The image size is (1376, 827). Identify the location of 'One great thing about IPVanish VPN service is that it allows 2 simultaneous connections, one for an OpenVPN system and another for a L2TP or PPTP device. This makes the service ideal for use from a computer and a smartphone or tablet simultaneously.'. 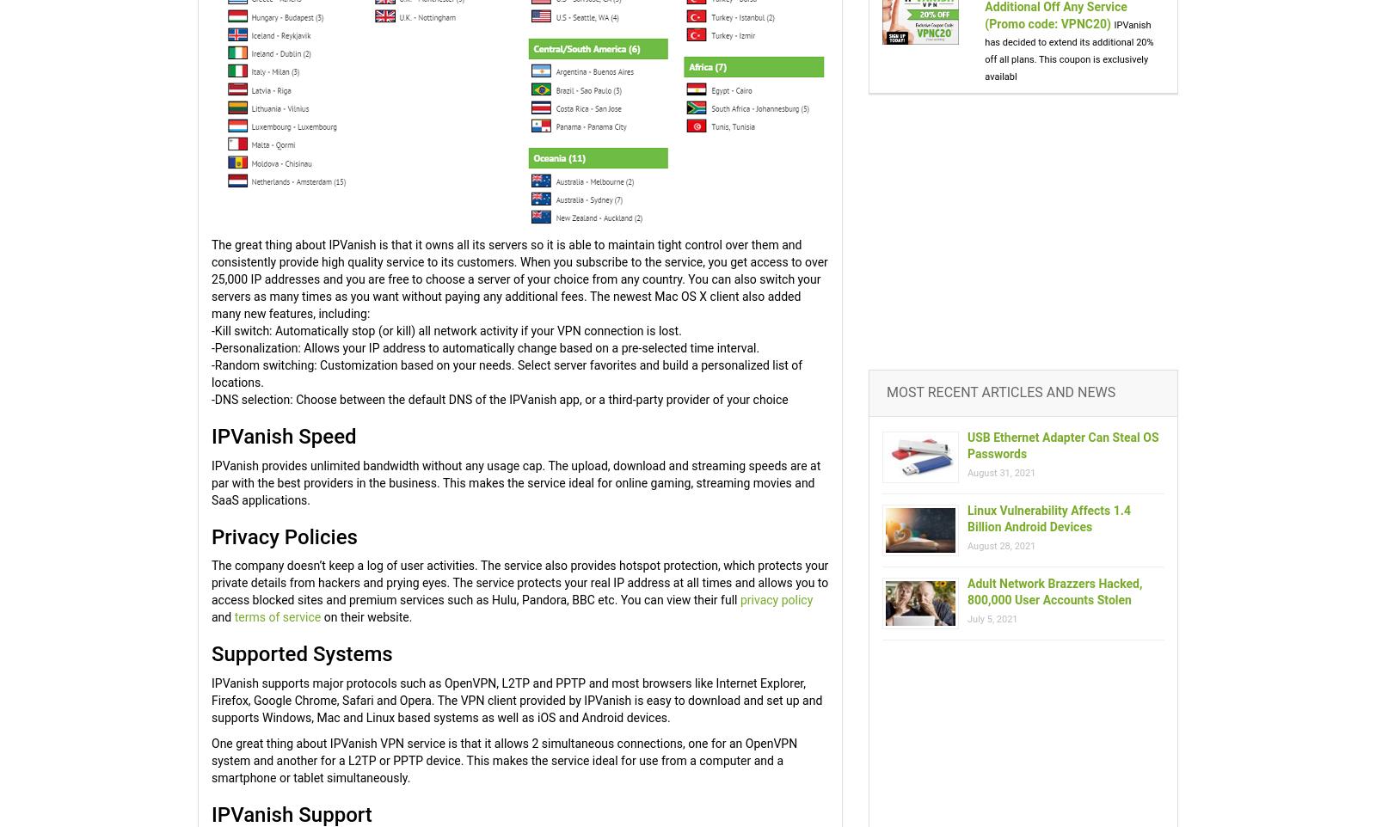
(503, 758).